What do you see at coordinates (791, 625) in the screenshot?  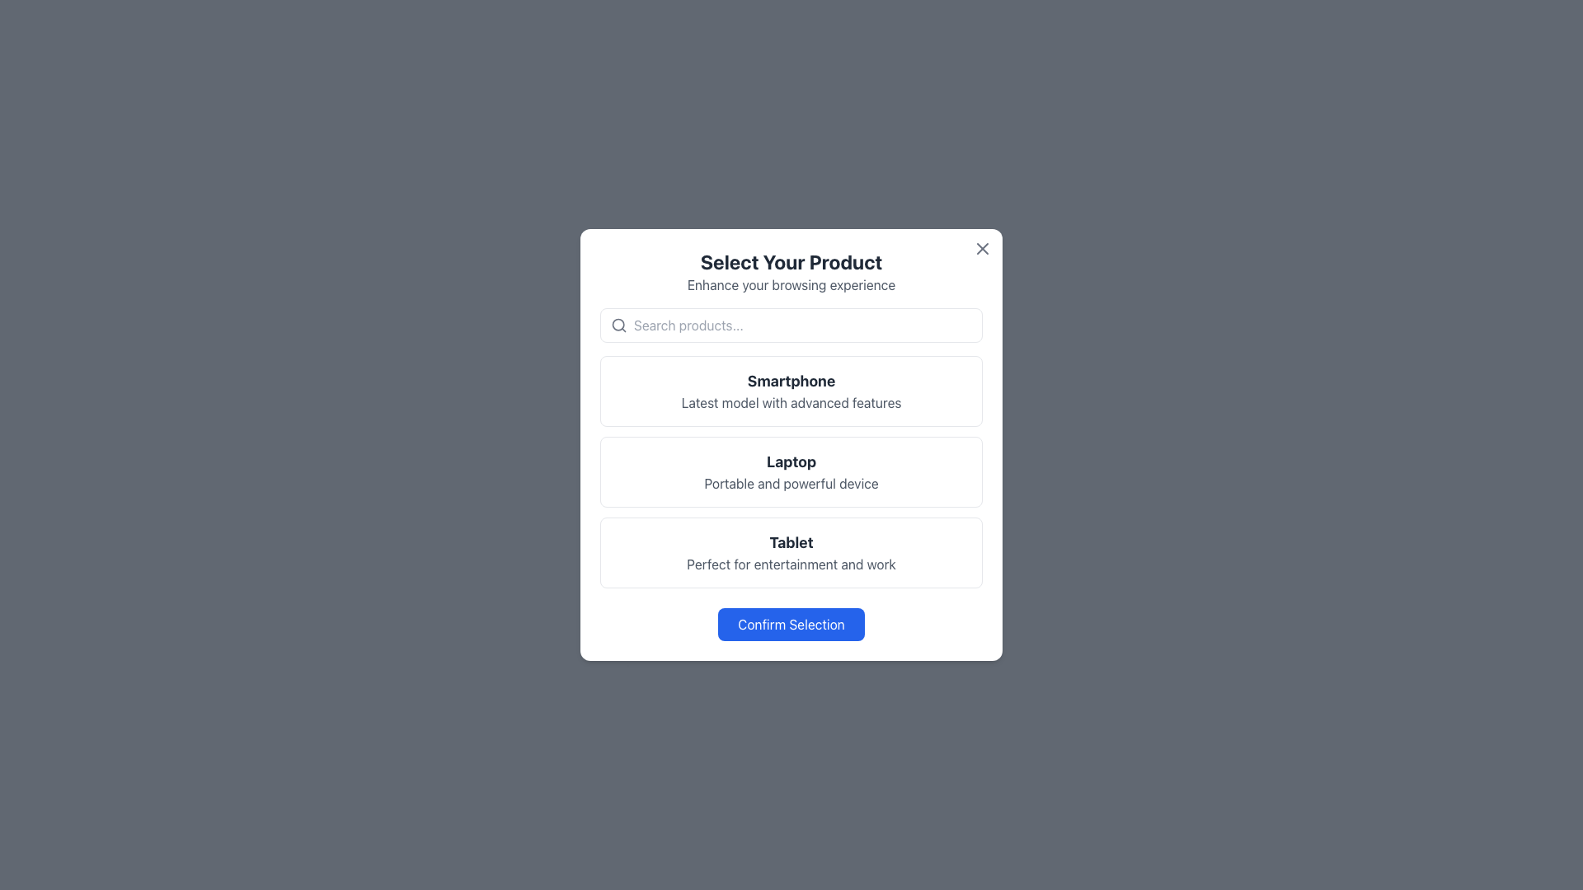 I see `the 'Confirm Selection' button, which features a blue background and white text` at bounding box center [791, 625].